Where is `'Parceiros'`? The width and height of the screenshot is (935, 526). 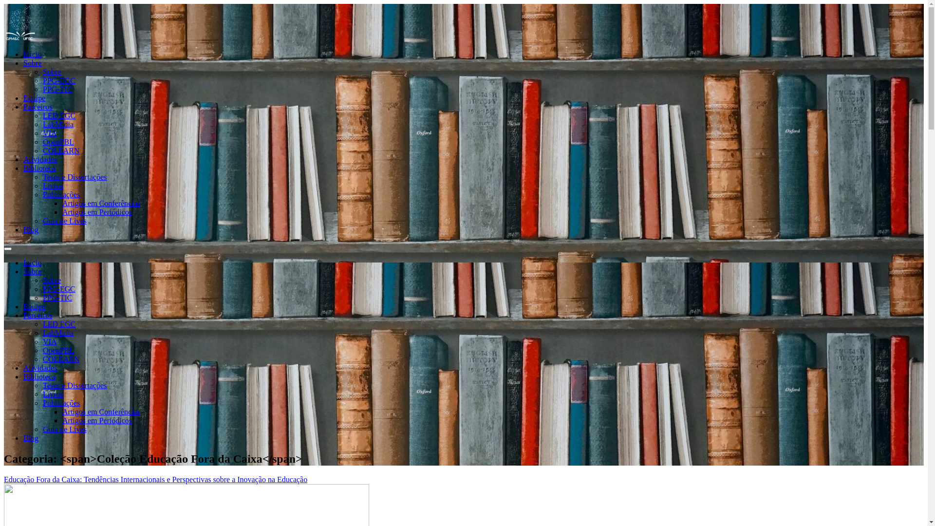
'Parceiros' is located at coordinates (37, 315).